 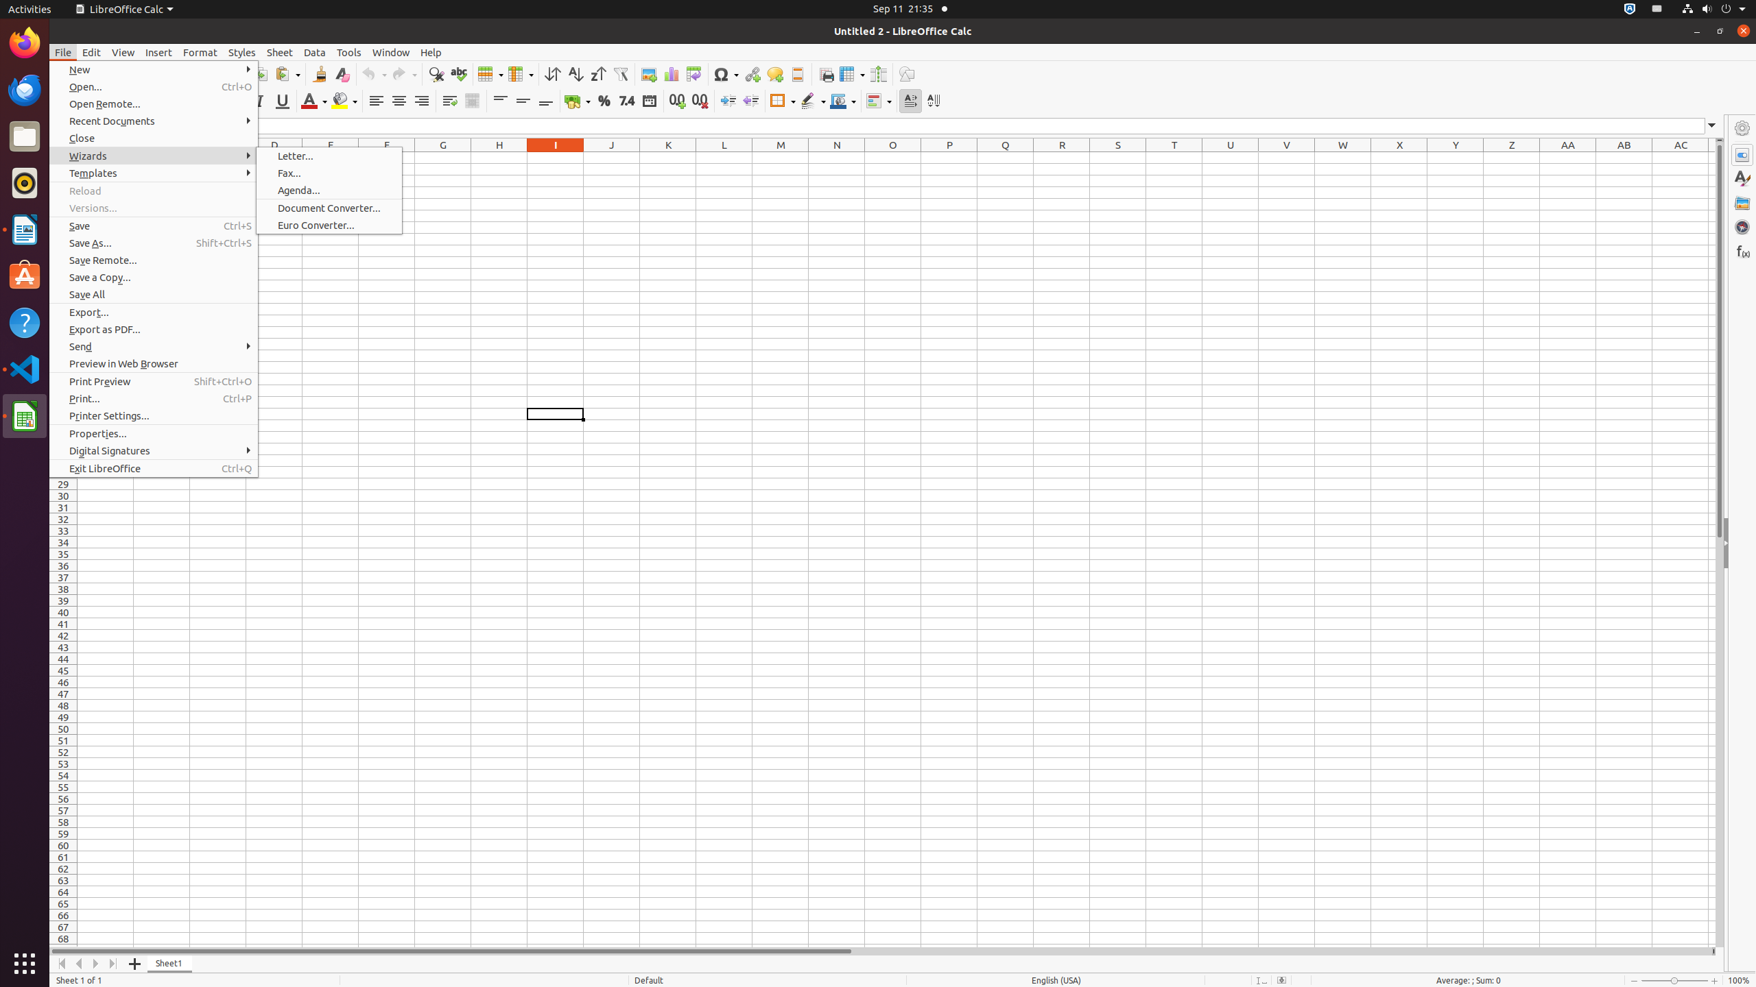 What do you see at coordinates (329, 207) in the screenshot?
I see `'Document Converter...'` at bounding box center [329, 207].